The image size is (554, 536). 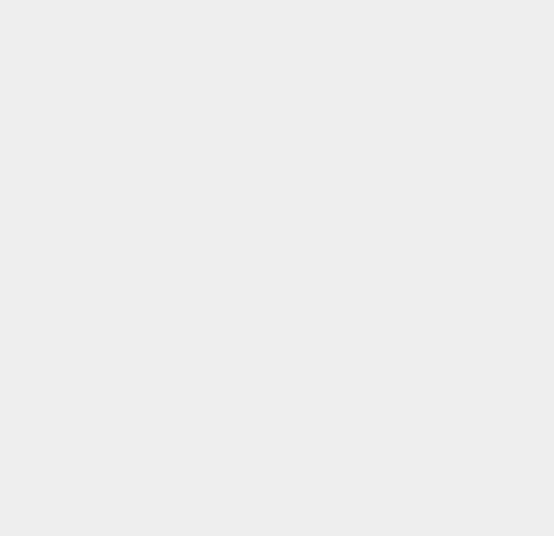 What do you see at coordinates (413, 403) in the screenshot?
I see `'Apple CarPlay'` at bounding box center [413, 403].